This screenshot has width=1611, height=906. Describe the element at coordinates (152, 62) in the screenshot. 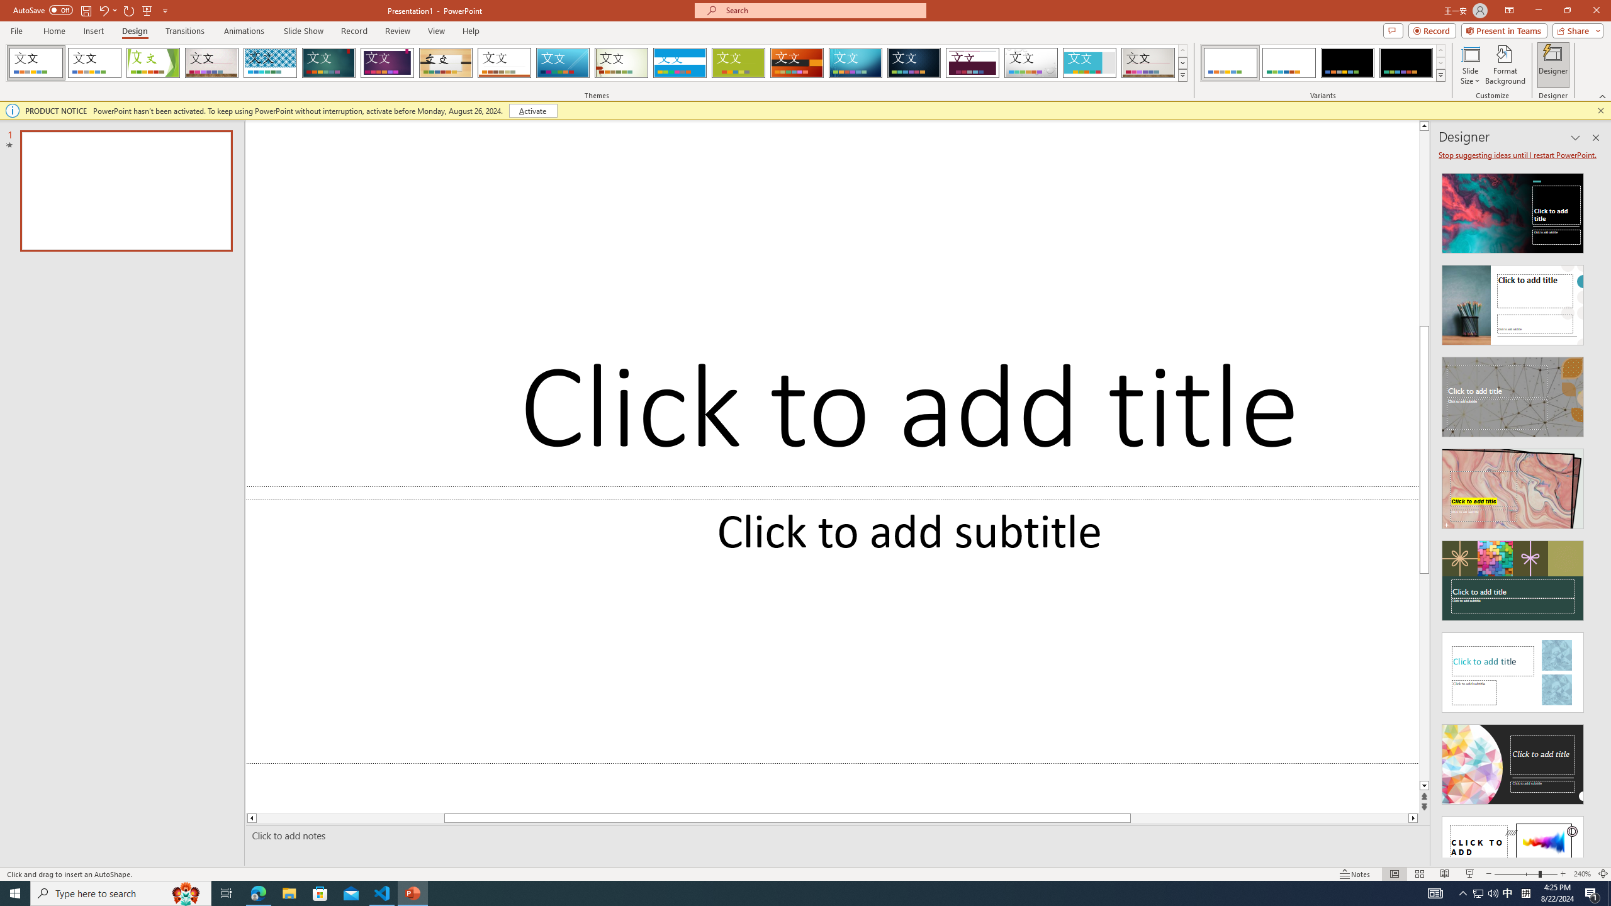

I see `'Facet'` at that location.